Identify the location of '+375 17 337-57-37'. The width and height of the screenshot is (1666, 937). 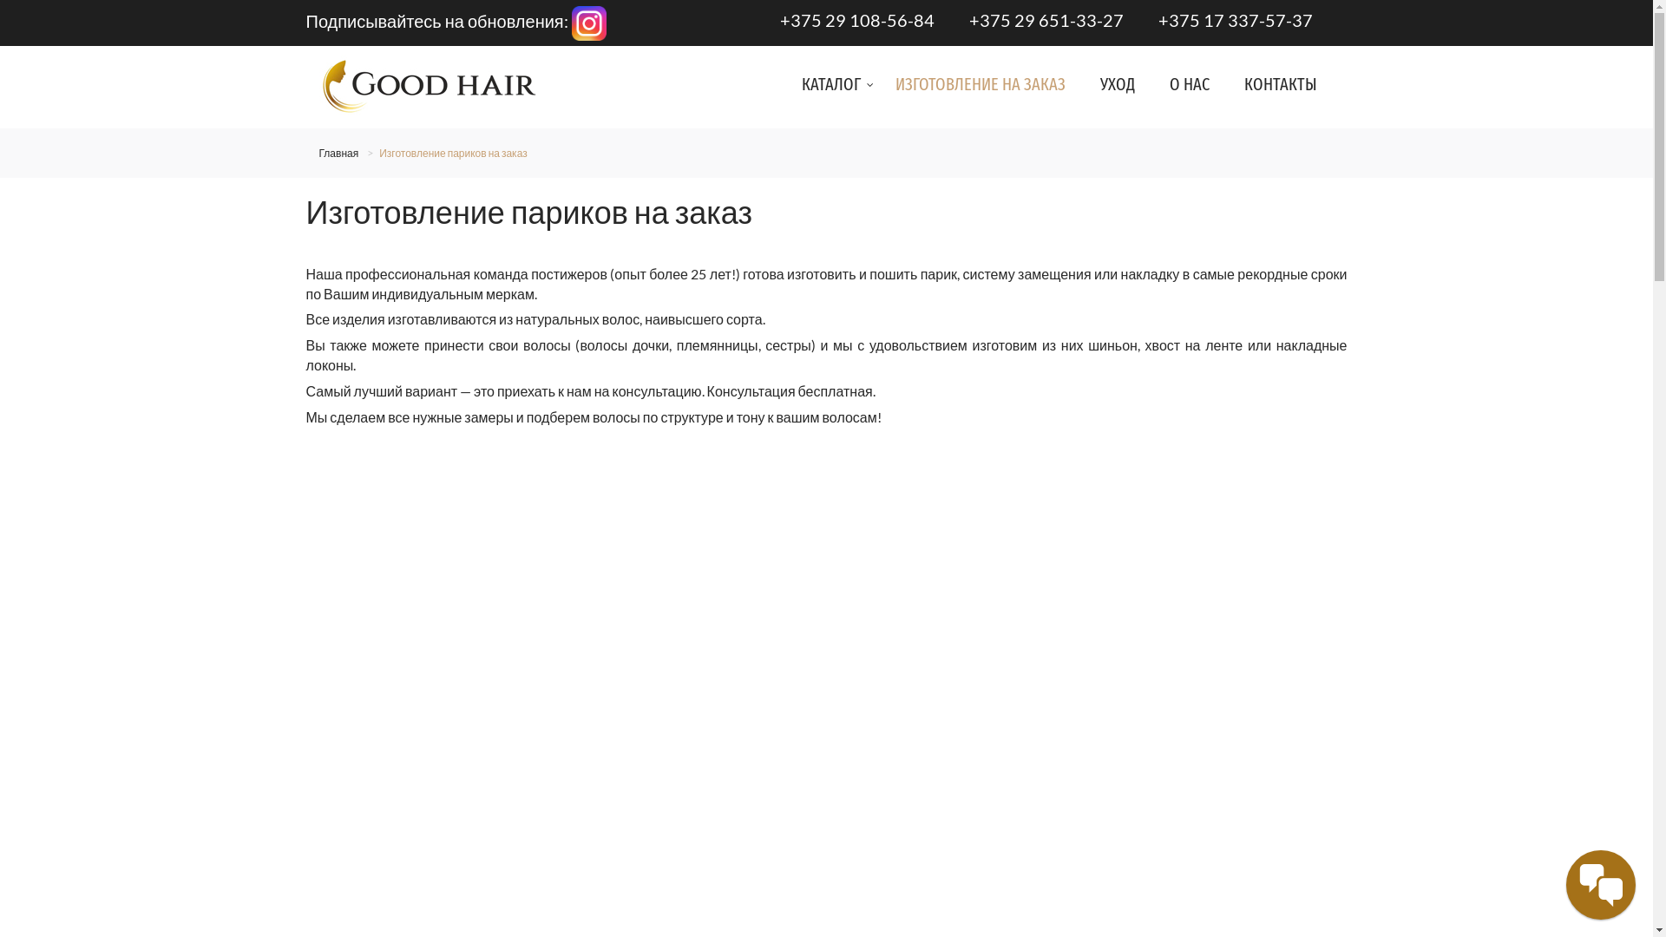
(1158, 20).